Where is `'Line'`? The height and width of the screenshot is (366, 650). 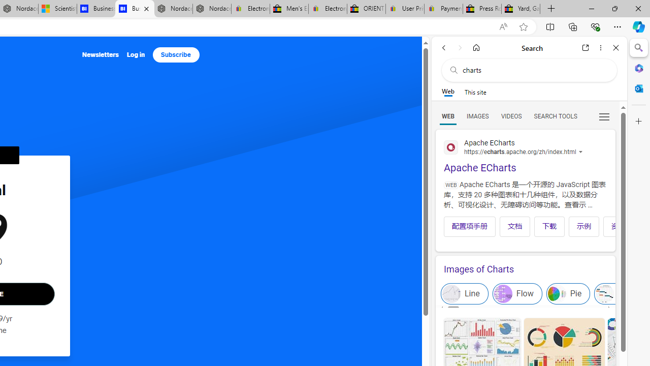
'Line' is located at coordinates (464, 294).